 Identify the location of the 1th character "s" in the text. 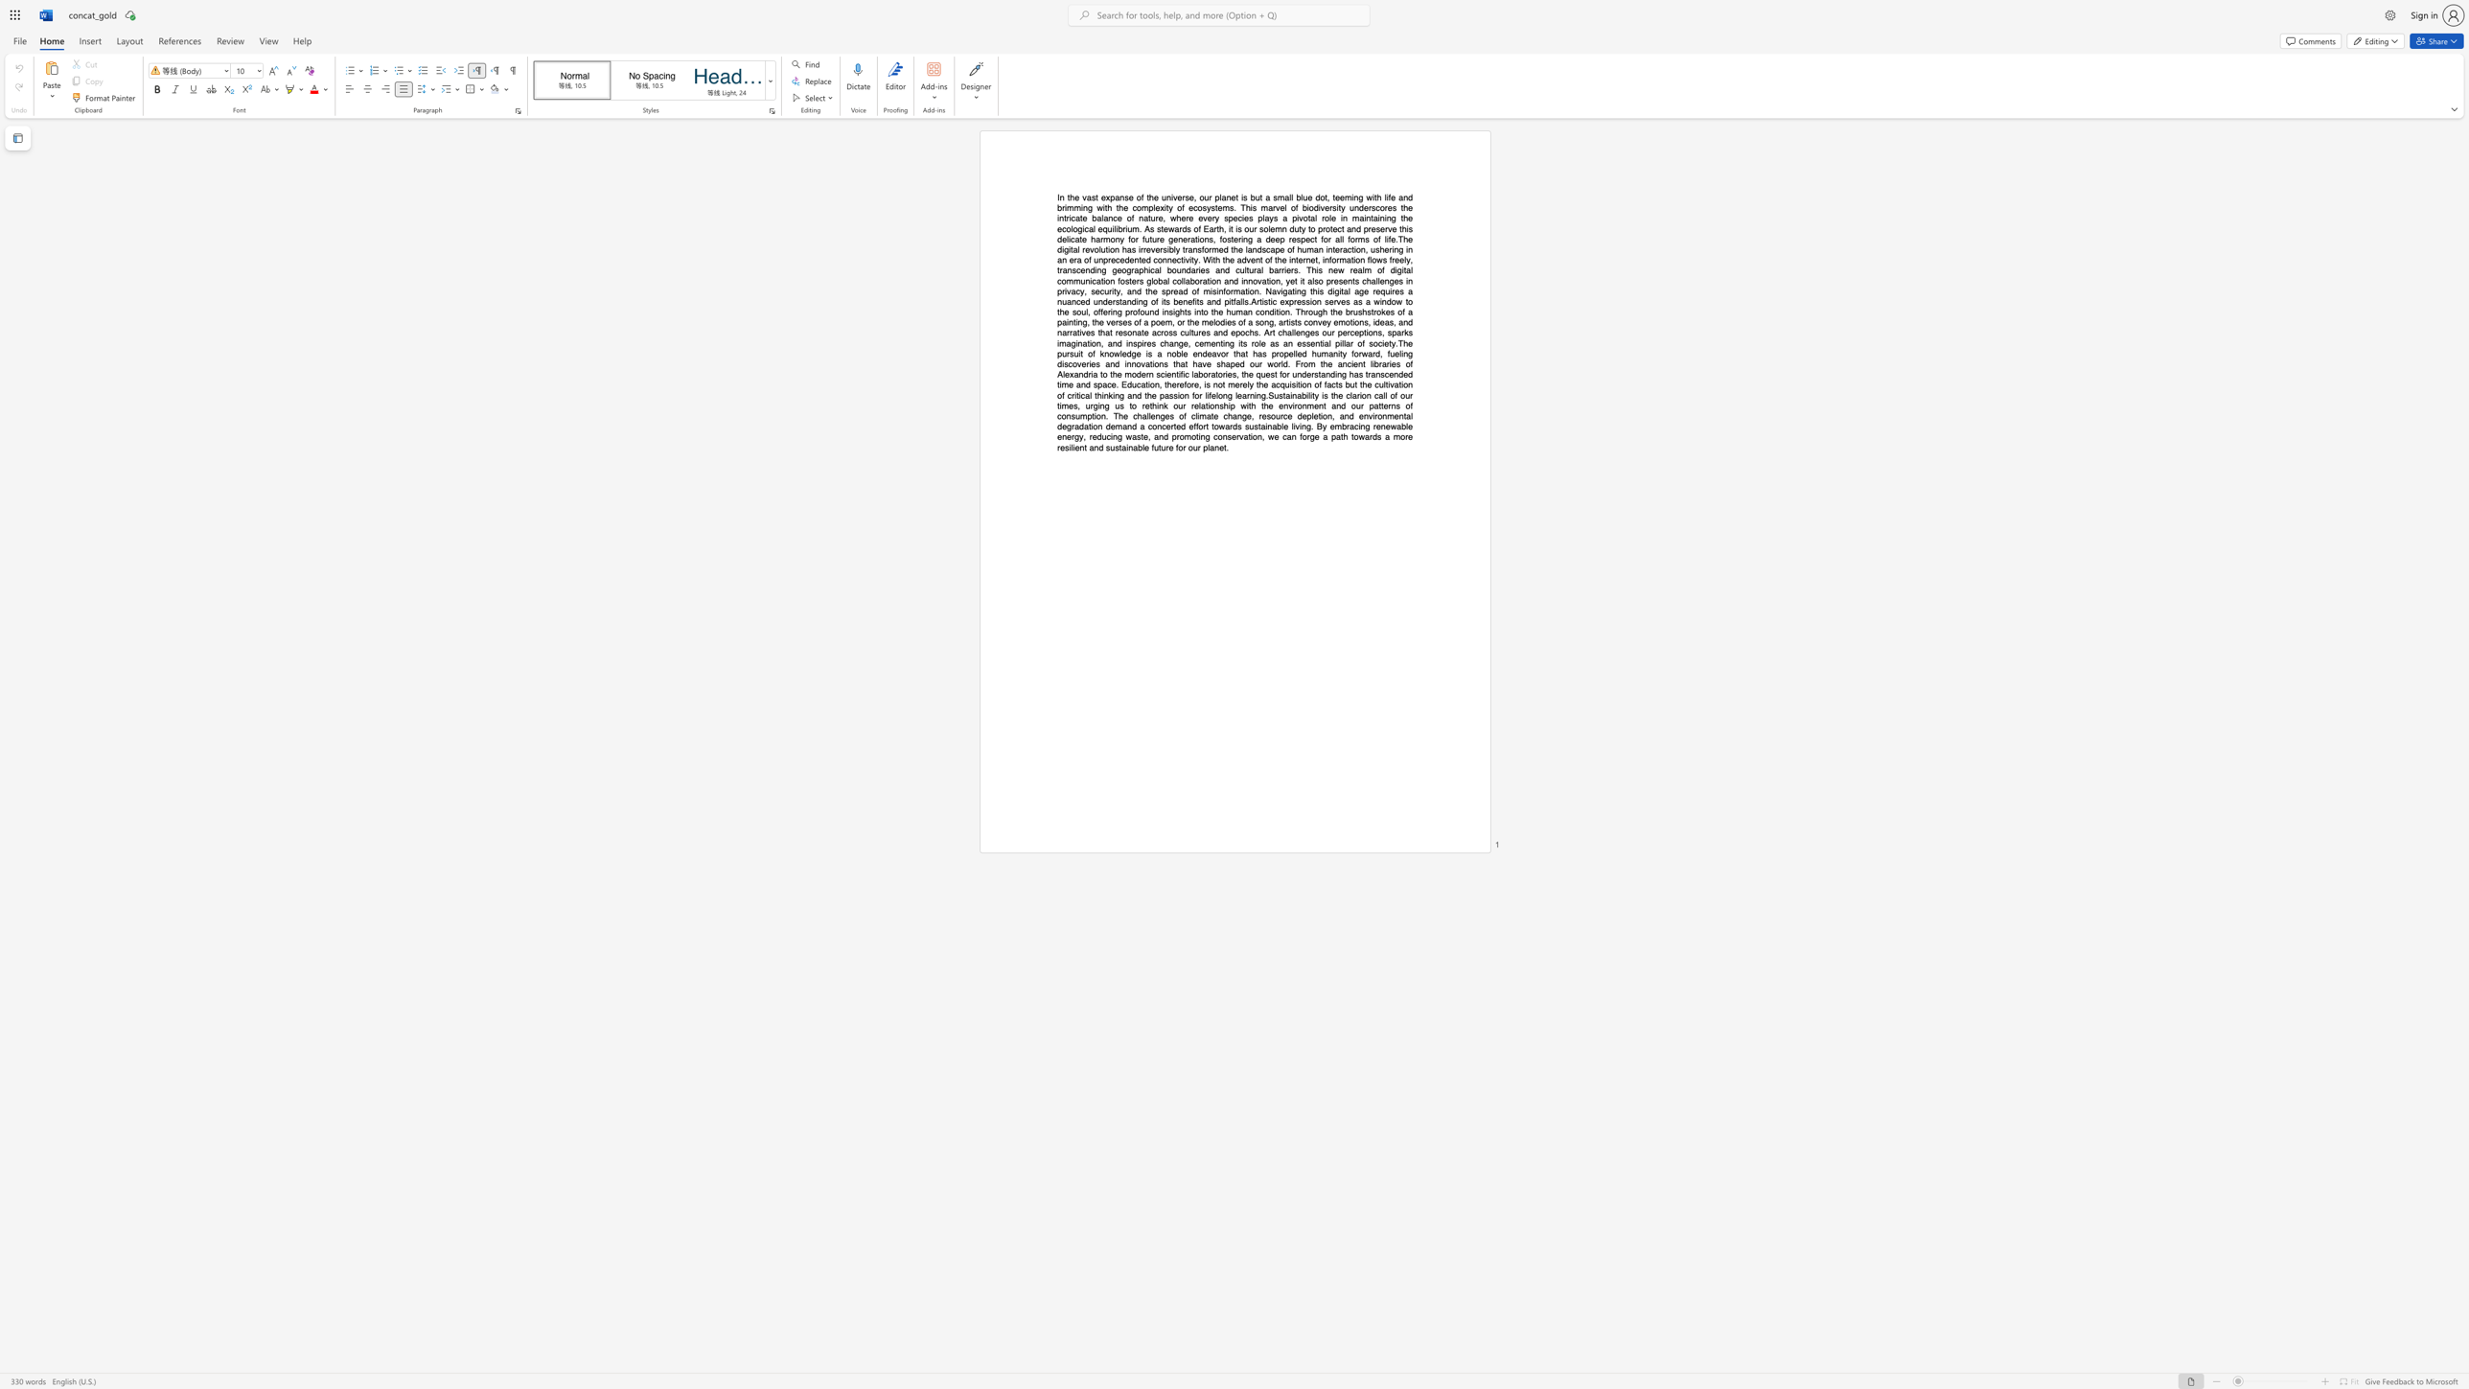
(1246, 302).